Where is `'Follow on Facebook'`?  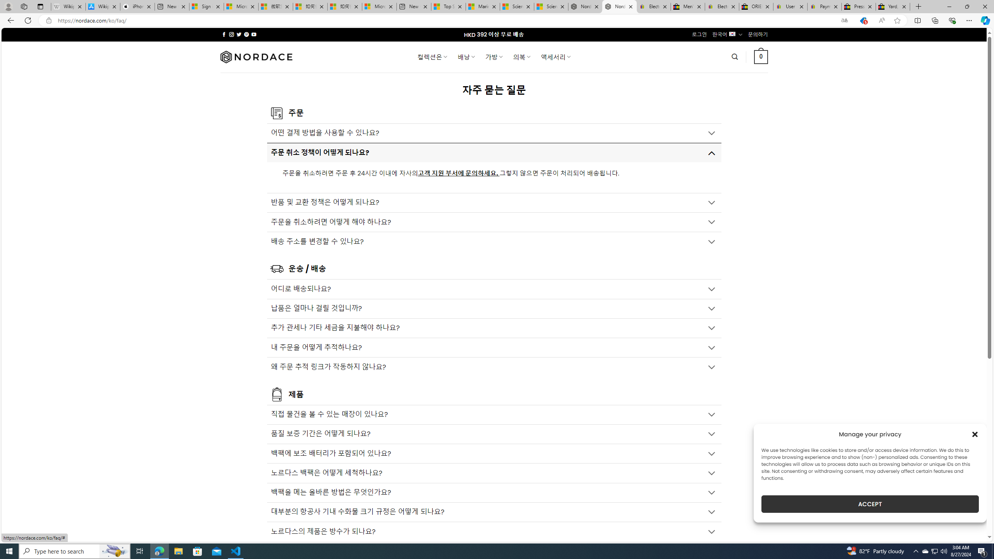
'Follow on Facebook' is located at coordinates (224, 34).